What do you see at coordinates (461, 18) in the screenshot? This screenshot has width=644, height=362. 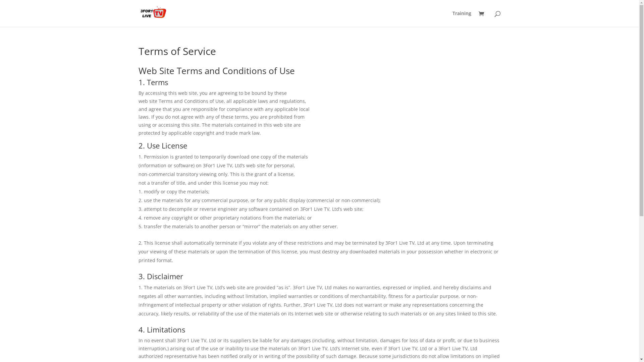 I see `'Training'` at bounding box center [461, 18].